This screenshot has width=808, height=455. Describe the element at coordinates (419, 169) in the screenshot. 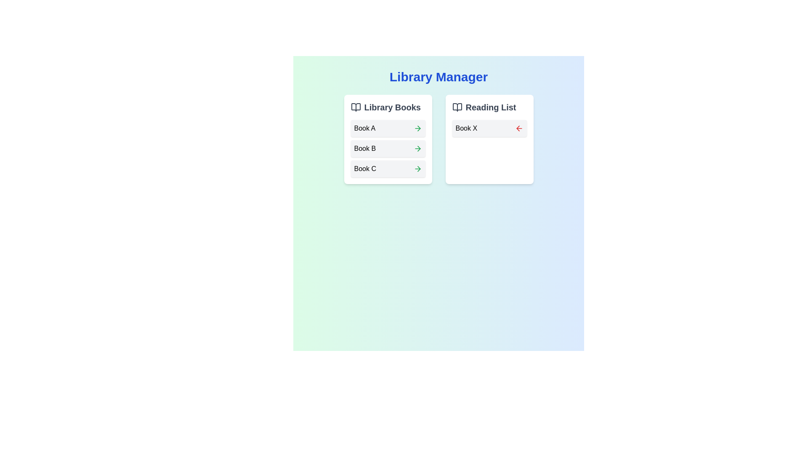

I see `the arrow icon located in the 'Library Books' section next to 'Book C'` at that location.